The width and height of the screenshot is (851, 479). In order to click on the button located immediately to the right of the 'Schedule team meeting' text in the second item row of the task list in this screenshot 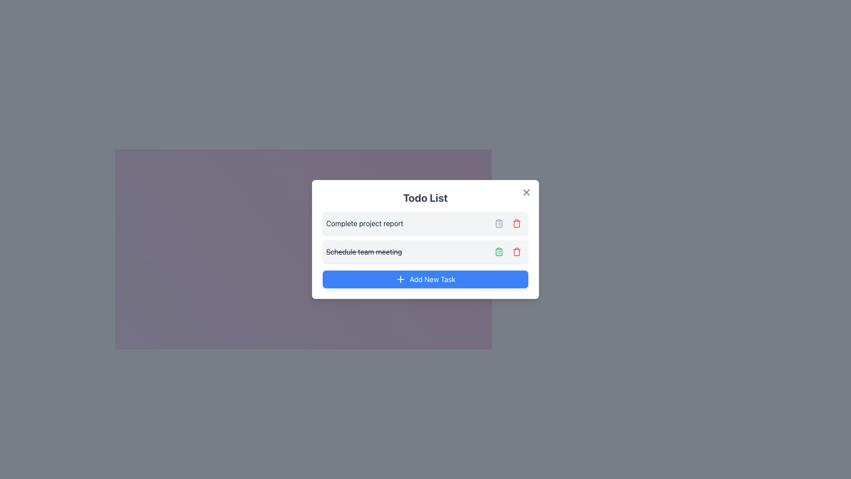, I will do `click(499, 251)`.